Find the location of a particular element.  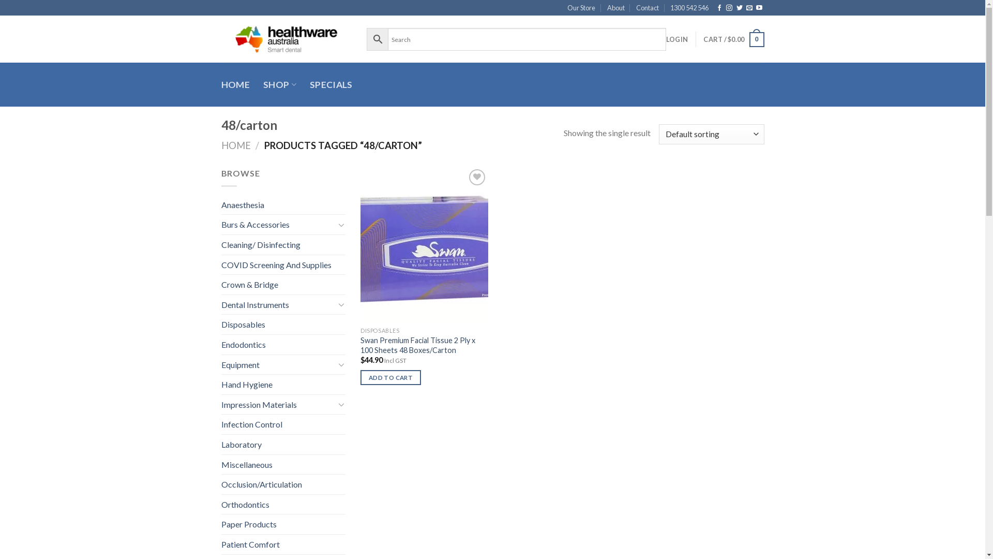

'ADD TO CART' is located at coordinates (389, 377).